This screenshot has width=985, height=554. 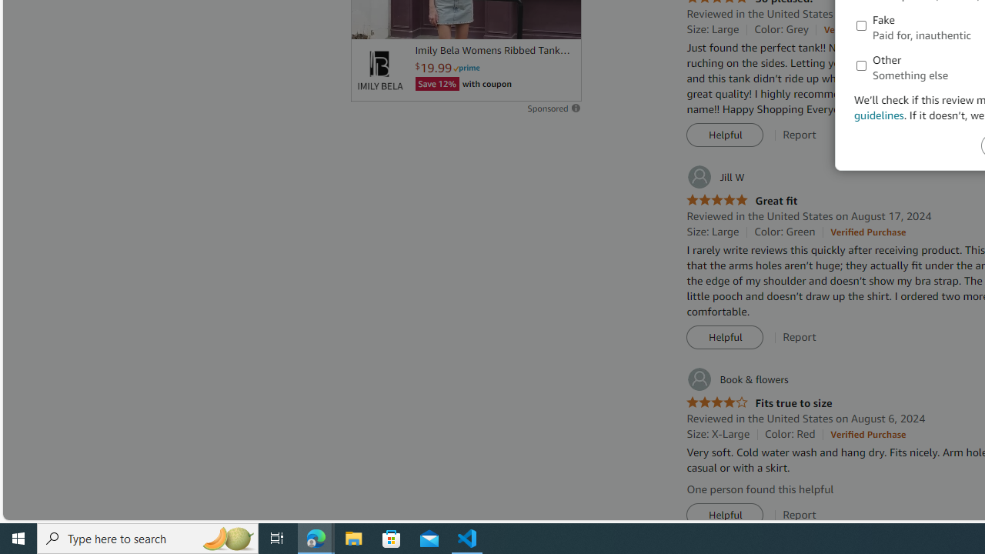 What do you see at coordinates (466, 67) in the screenshot?
I see `'Prime'` at bounding box center [466, 67].